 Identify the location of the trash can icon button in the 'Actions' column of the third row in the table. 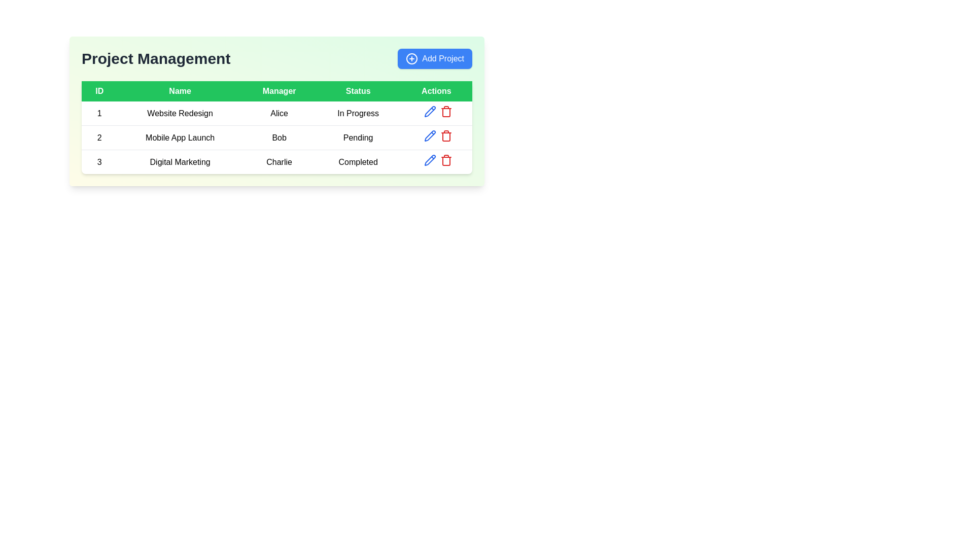
(446, 111).